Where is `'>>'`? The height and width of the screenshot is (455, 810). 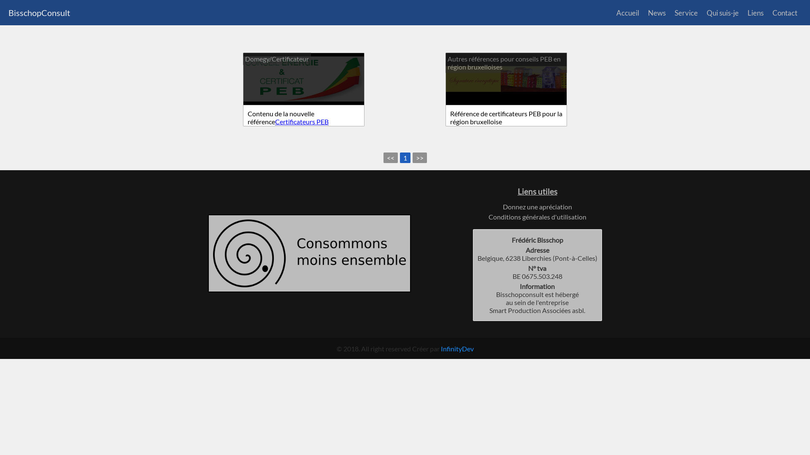
'>>' is located at coordinates (419, 158).